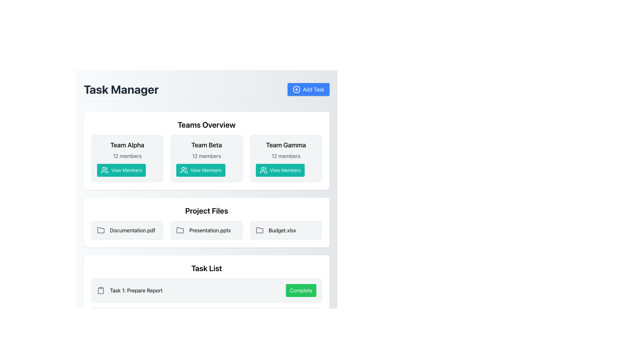 The height and width of the screenshot is (349, 621). Describe the element at coordinates (206, 210) in the screenshot. I see `the header text indicating the section listing project-related documents or files, which is centrally aligned under the 'Teams Overview' section` at that location.